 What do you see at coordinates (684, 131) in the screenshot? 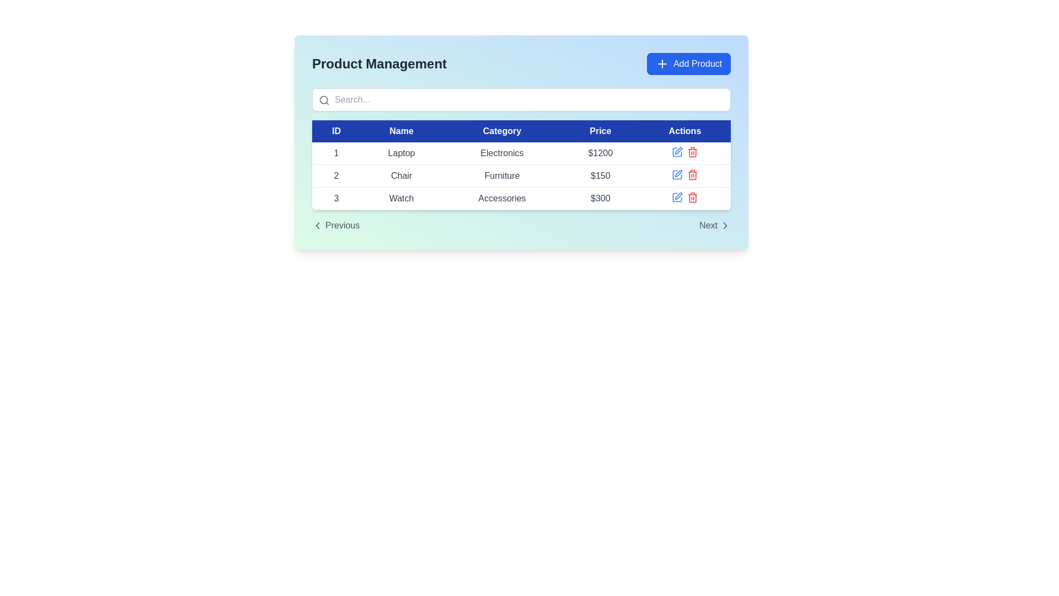
I see `the Text Label indicating the Actions column in the table, which is the fifth item in the header row, following 'ID', 'Name', 'Category', and 'Price'` at bounding box center [684, 131].